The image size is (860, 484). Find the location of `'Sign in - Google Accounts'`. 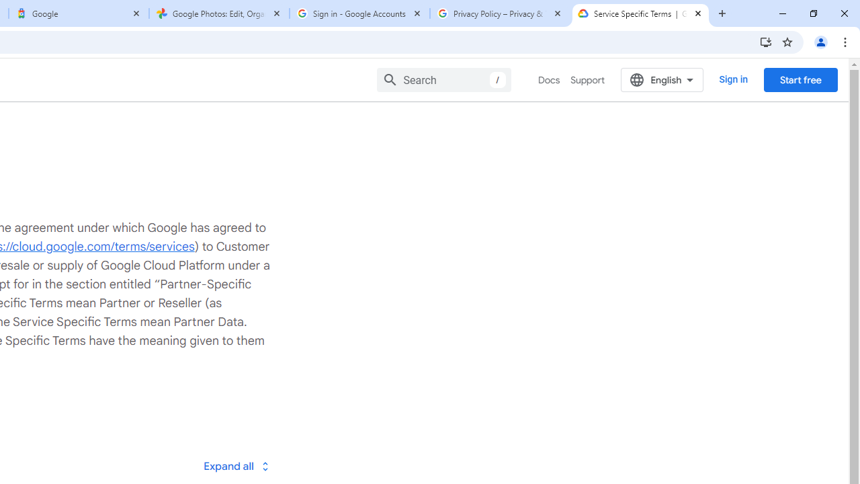

'Sign in - Google Accounts' is located at coordinates (359, 13).